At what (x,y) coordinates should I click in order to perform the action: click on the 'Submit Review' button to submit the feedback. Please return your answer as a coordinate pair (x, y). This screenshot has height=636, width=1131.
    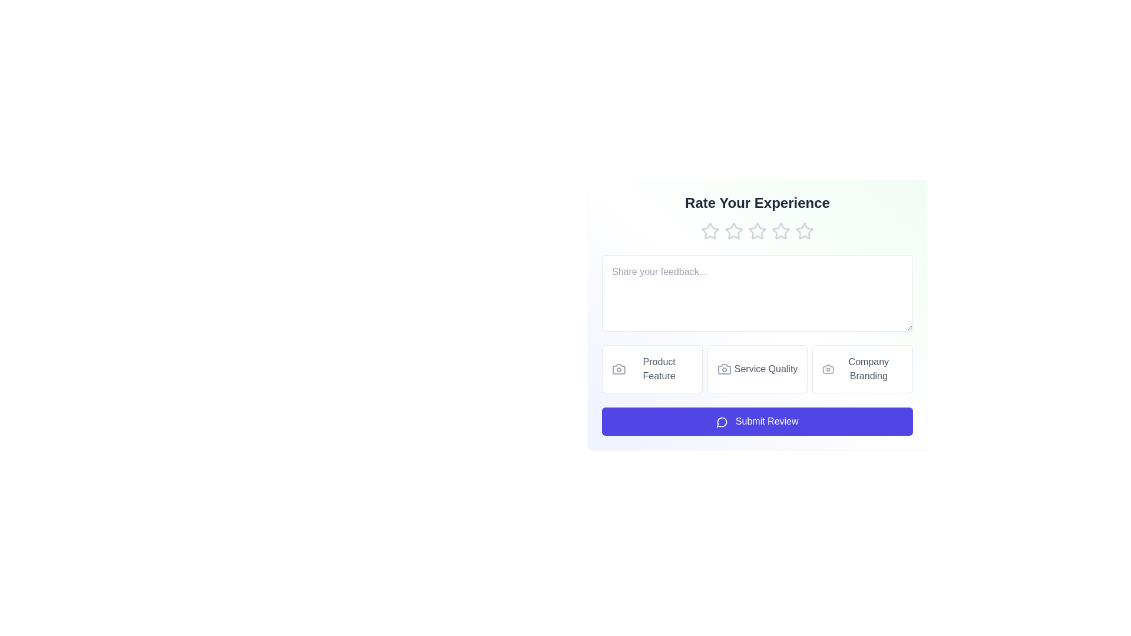
    Looking at the image, I should click on (758, 421).